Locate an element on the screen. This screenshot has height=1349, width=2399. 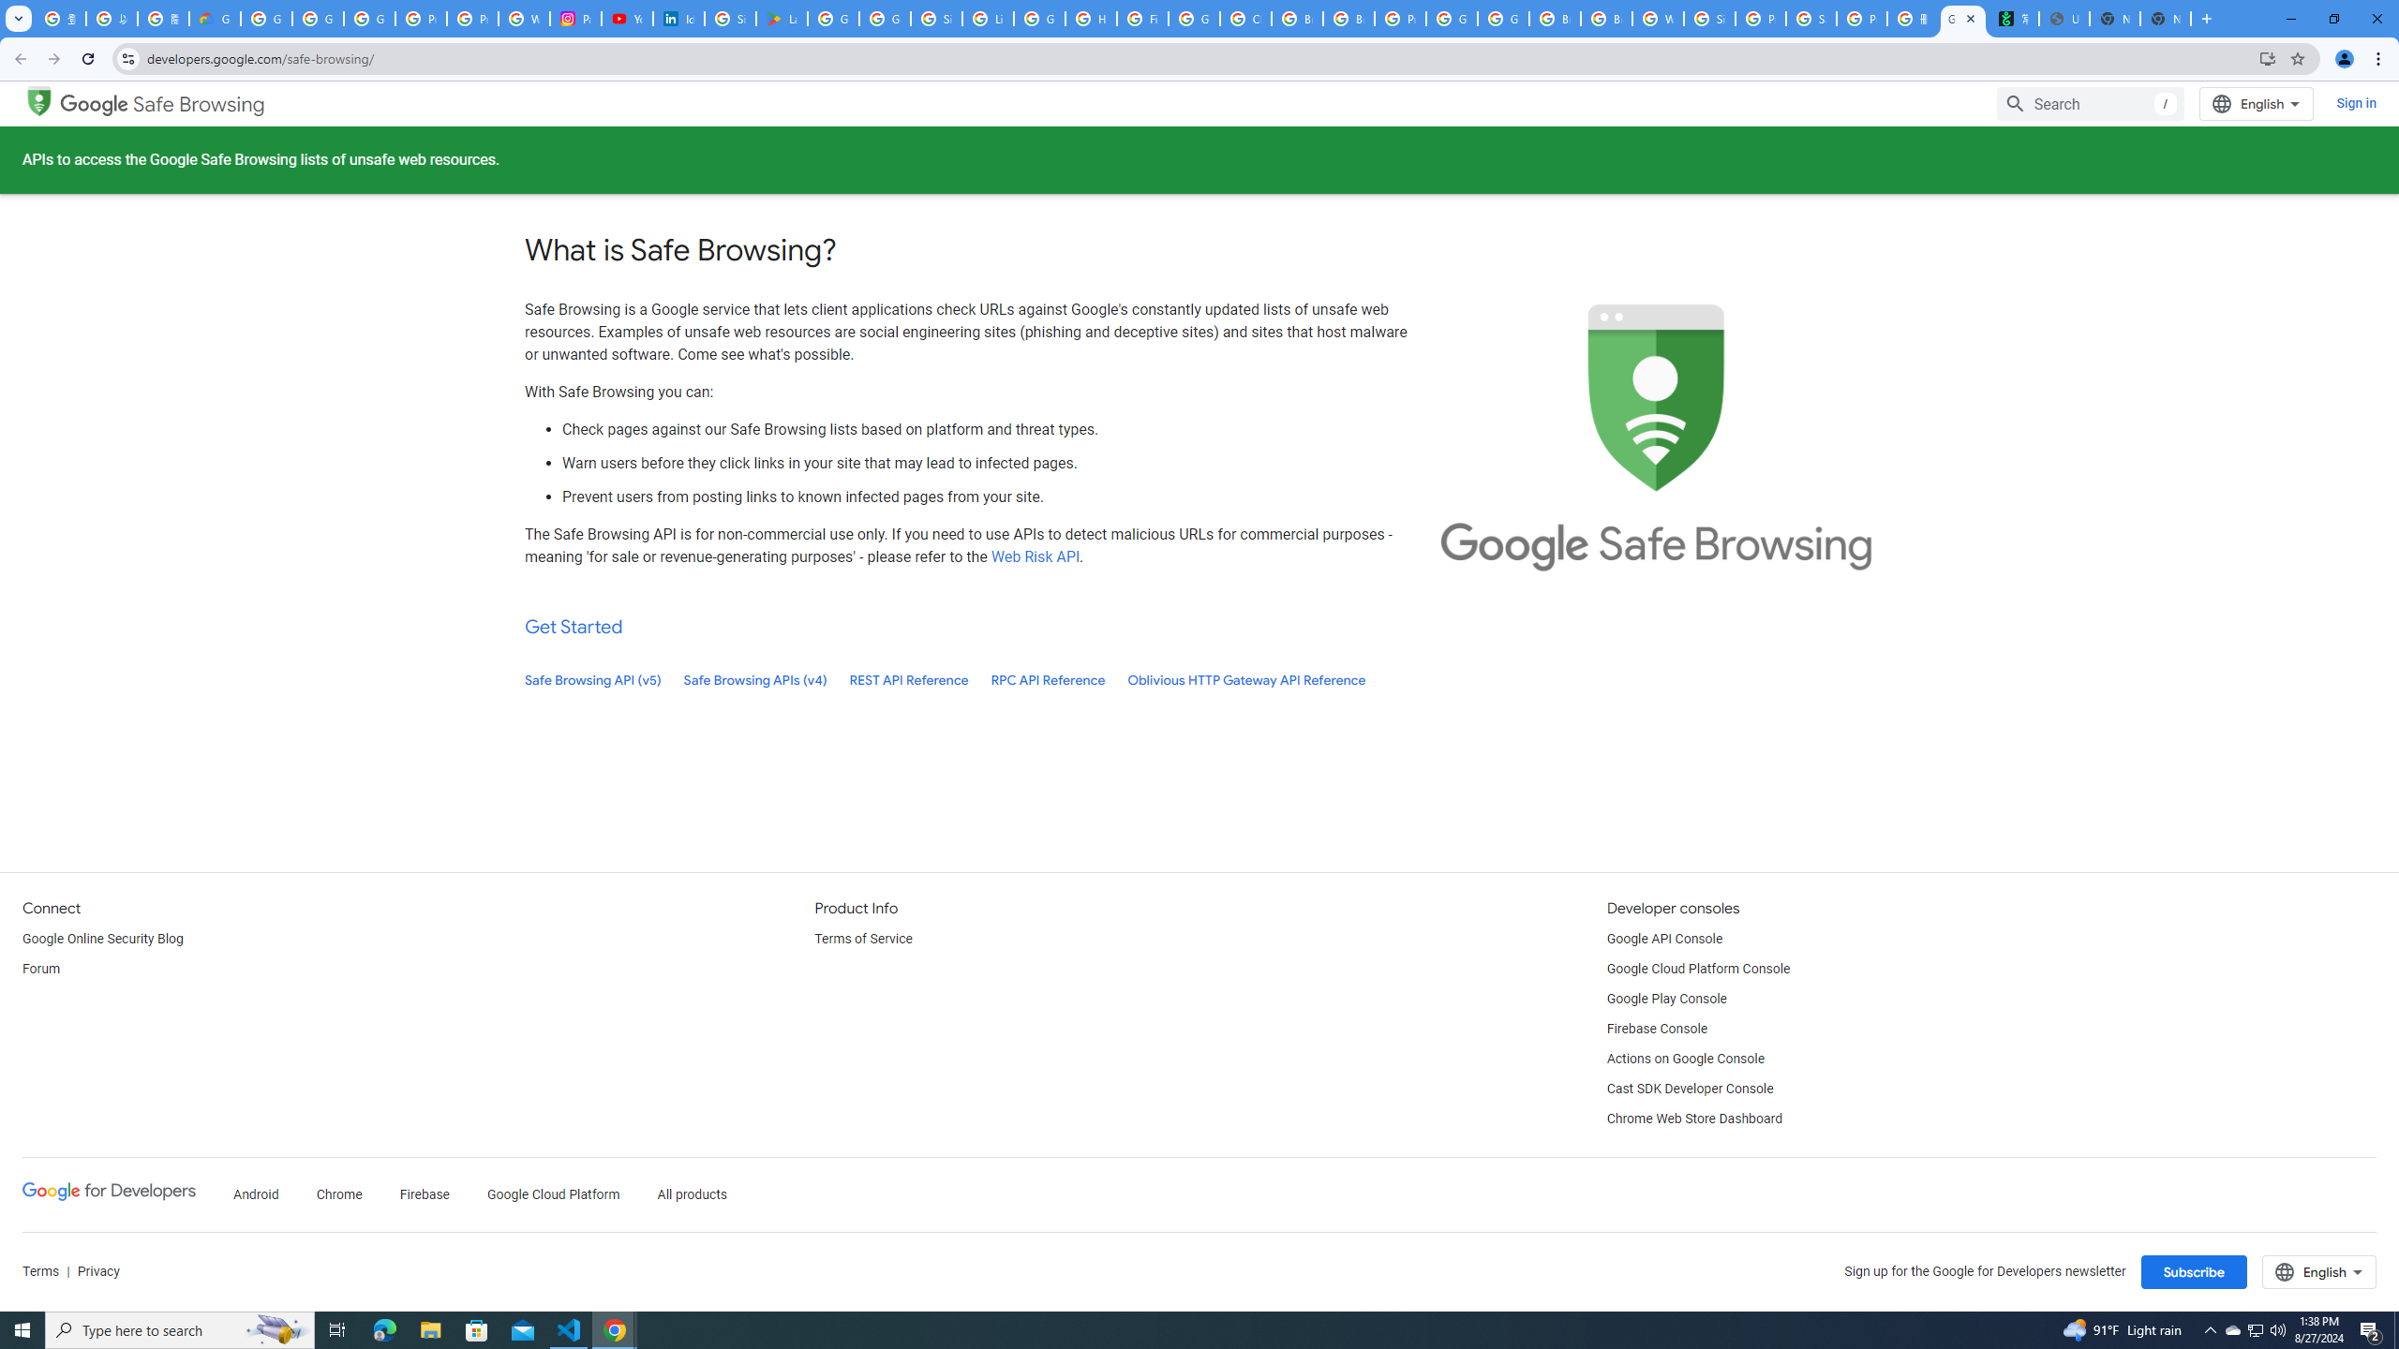
'REST API Reference' is located at coordinates (909, 679).